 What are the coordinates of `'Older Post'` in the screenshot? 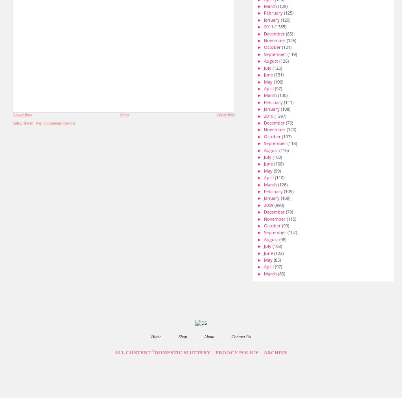 It's located at (226, 115).